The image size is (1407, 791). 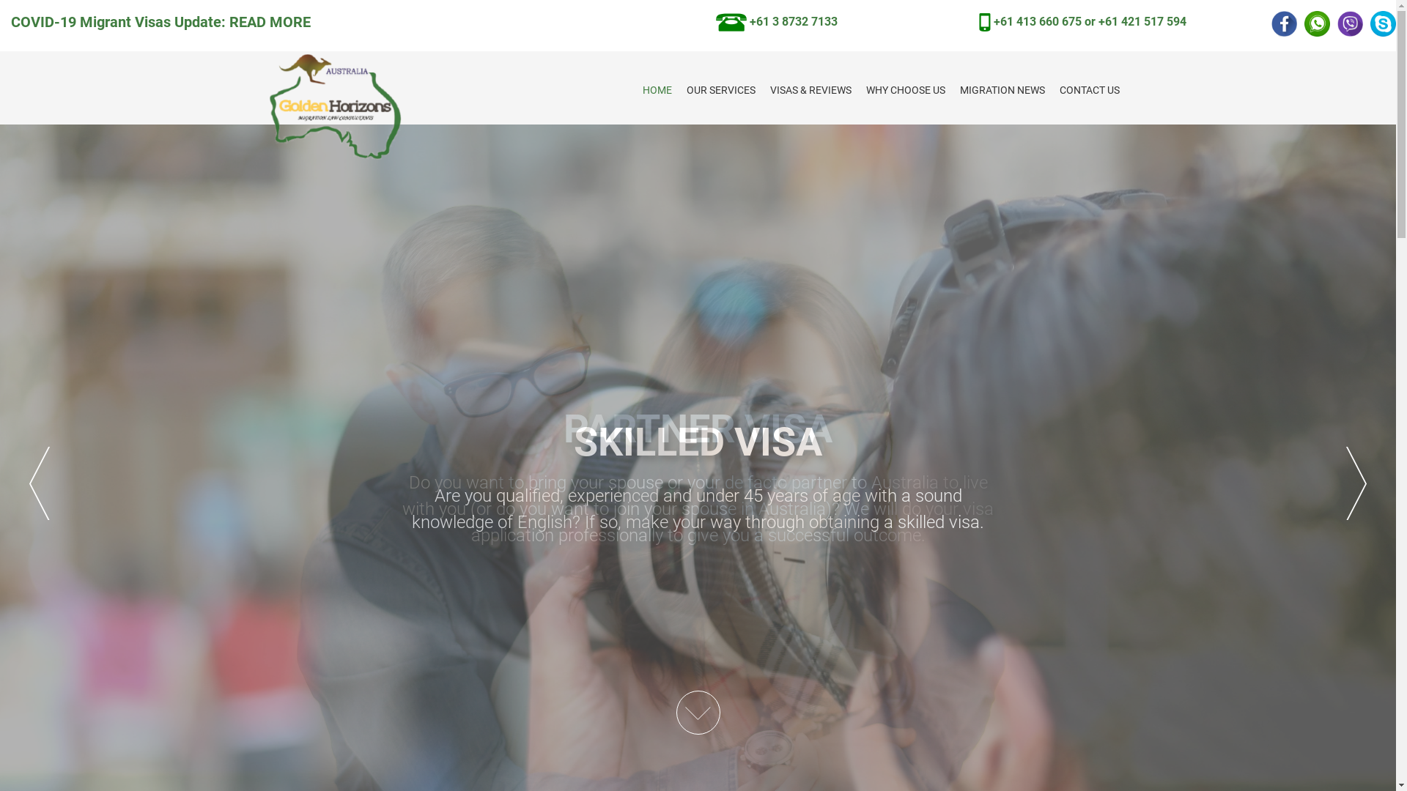 What do you see at coordinates (1037, 21) in the screenshot?
I see `'+61 413 660 675'` at bounding box center [1037, 21].